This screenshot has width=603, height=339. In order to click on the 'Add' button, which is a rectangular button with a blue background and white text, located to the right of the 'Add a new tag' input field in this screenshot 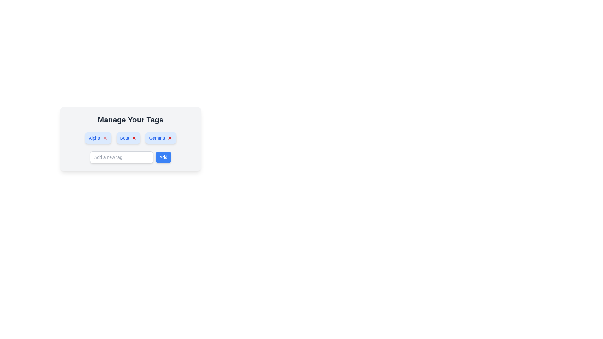, I will do `click(163, 157)`.